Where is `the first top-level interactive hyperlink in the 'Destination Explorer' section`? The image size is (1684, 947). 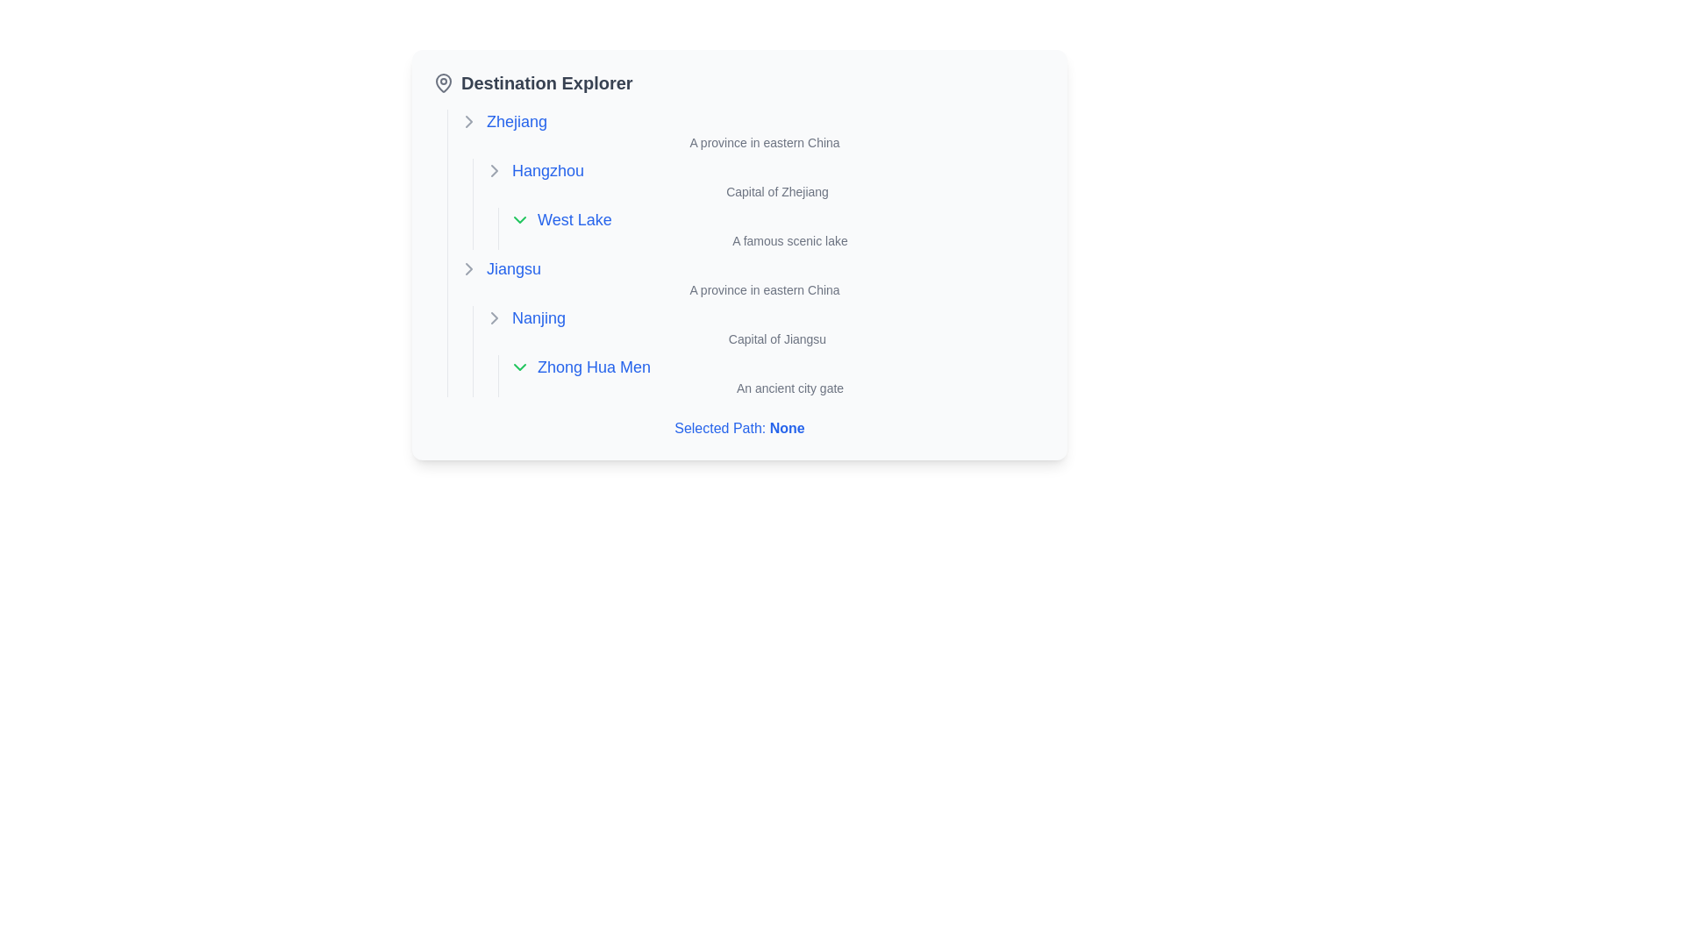 the first top-level interactive hyperlink in the 'Destination Explorer' section is located at coordinates (516, 120).